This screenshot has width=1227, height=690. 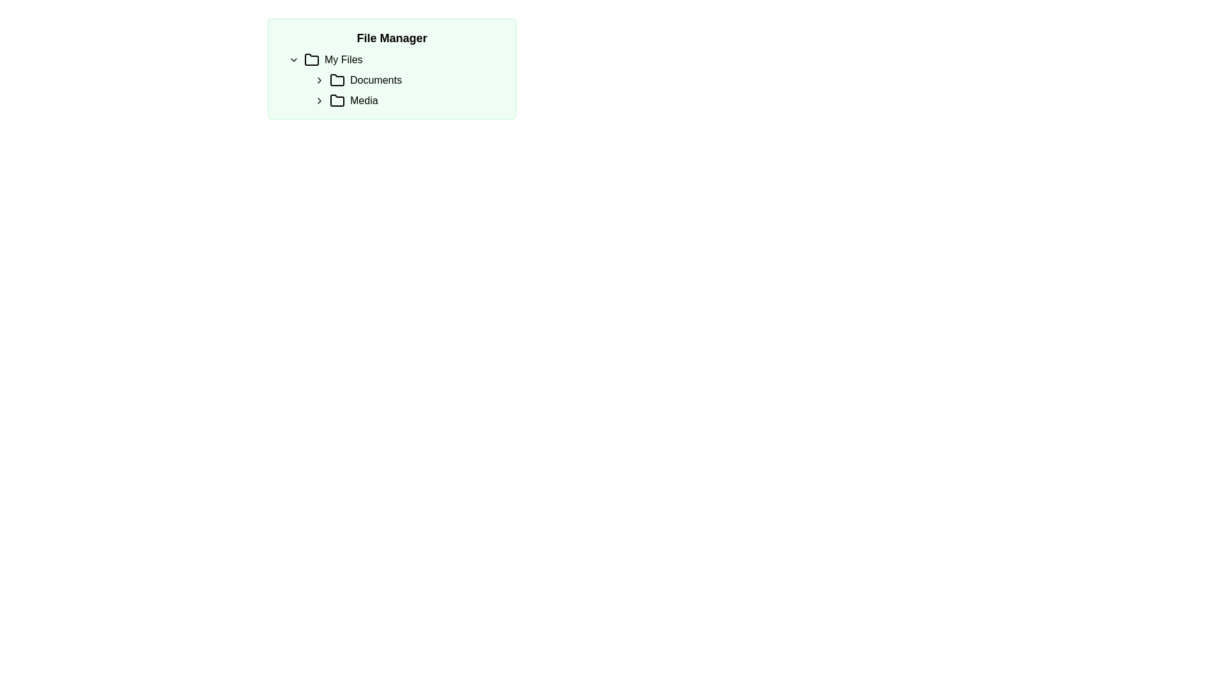 I want to click on the folder icon located in the top-left corner of the file management interface, so click(x=312, y=59).